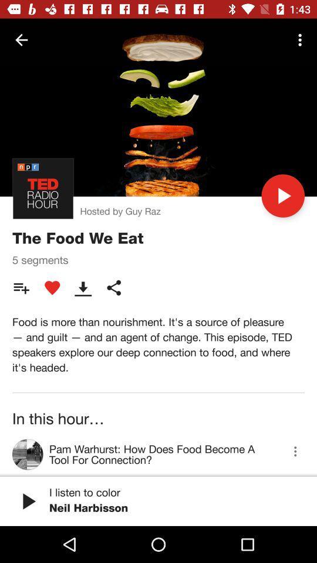  What do you see at coordinates (21, 40) in the screenshot?
I see `icon at the top left corner` at bounding box center [21, 40].